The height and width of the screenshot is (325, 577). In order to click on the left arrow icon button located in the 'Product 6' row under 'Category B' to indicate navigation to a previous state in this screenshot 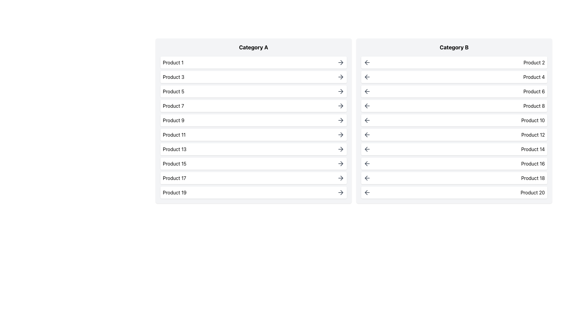, I will do `click(367, 91)`.